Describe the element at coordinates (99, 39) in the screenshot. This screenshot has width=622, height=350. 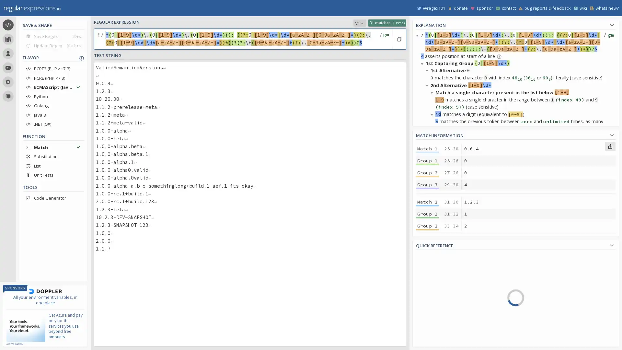
I see `Change delimiter` at that location.